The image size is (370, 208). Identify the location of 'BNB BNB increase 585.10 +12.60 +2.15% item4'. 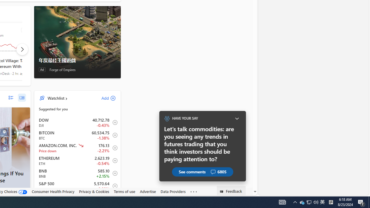
(77, 173).